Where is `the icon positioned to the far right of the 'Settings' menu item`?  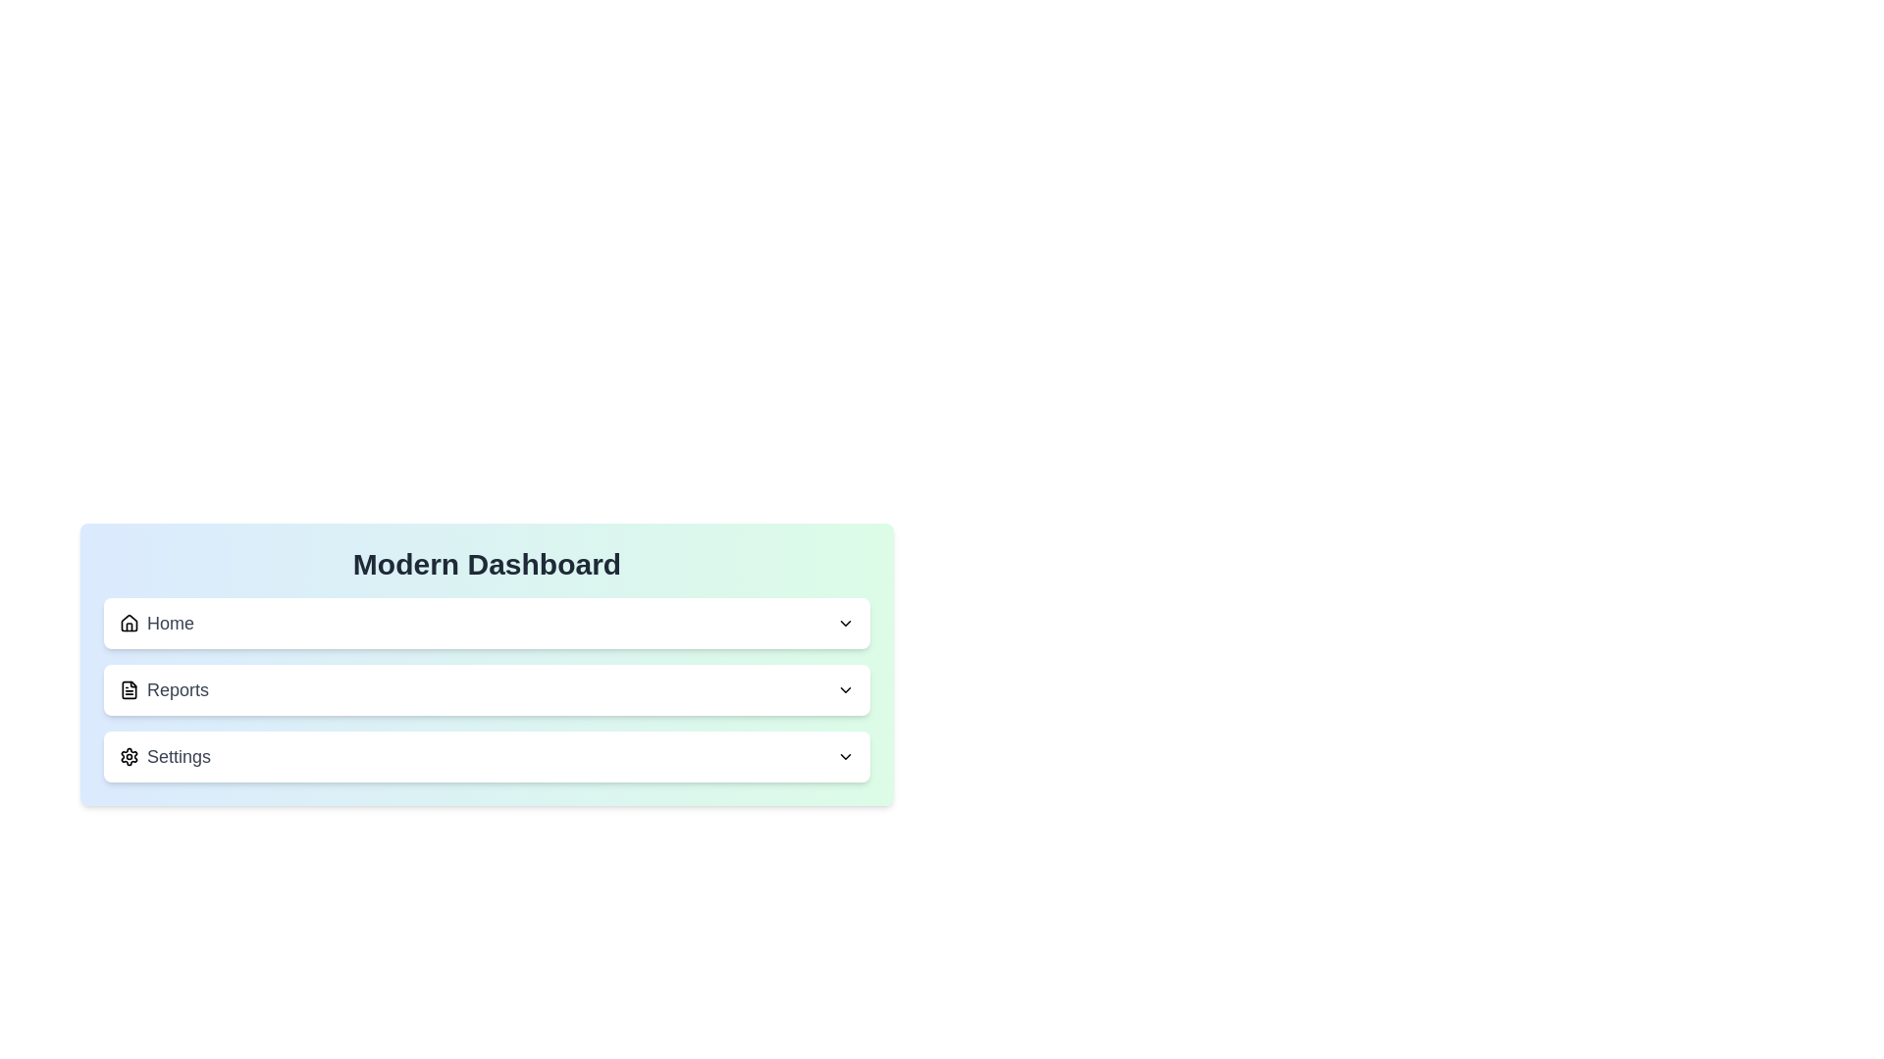
the icon positioned to the far right of the 'Settings' menu item is located at coordinates (846, 755).